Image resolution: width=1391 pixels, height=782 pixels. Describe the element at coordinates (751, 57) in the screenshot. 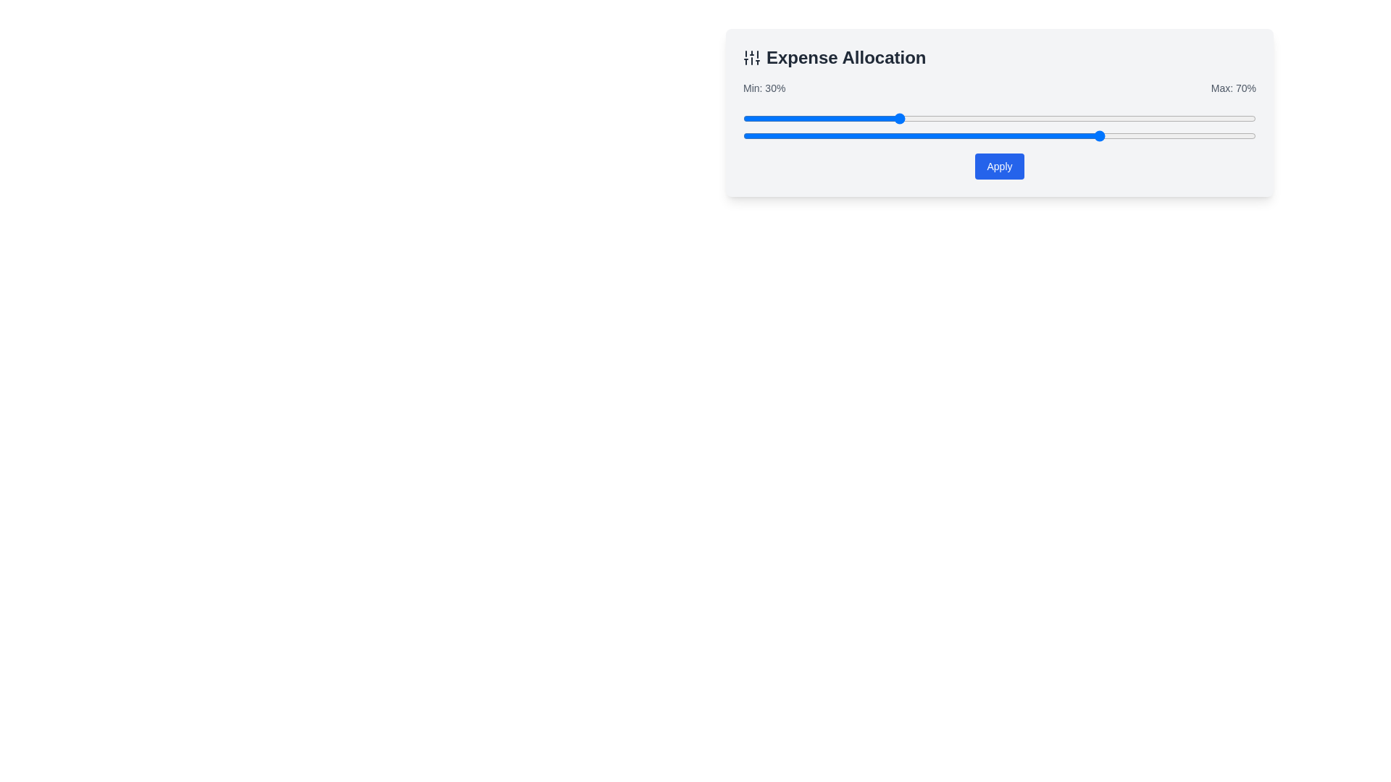

I see `the vertical sliders icon located at the top-left corner of the card, to the left of the title 'Expense Allocation'` at that location.